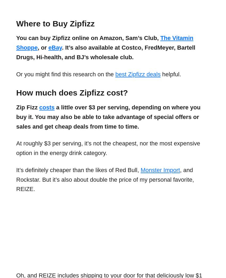 Image resolution: width=226 pixels, height=278 pixels. I want to click on 'How much does Zipfizz cost?', so click(72, 93).